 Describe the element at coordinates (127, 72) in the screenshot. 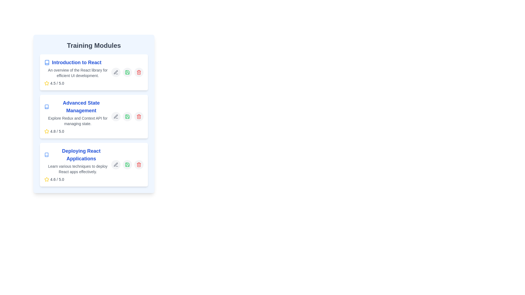

I see `the save button located in the actions group of the 'Introduction to React' training module, positioned between the pencil edit icon and the trash delete icon` at that location.